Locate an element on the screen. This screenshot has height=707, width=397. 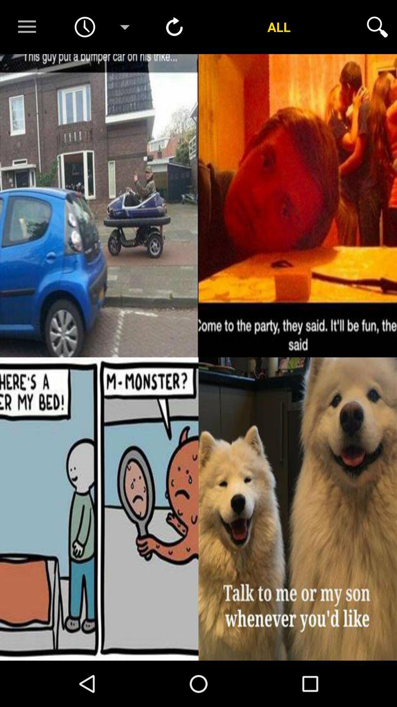
refresh option is located at coordinates (174, 27).